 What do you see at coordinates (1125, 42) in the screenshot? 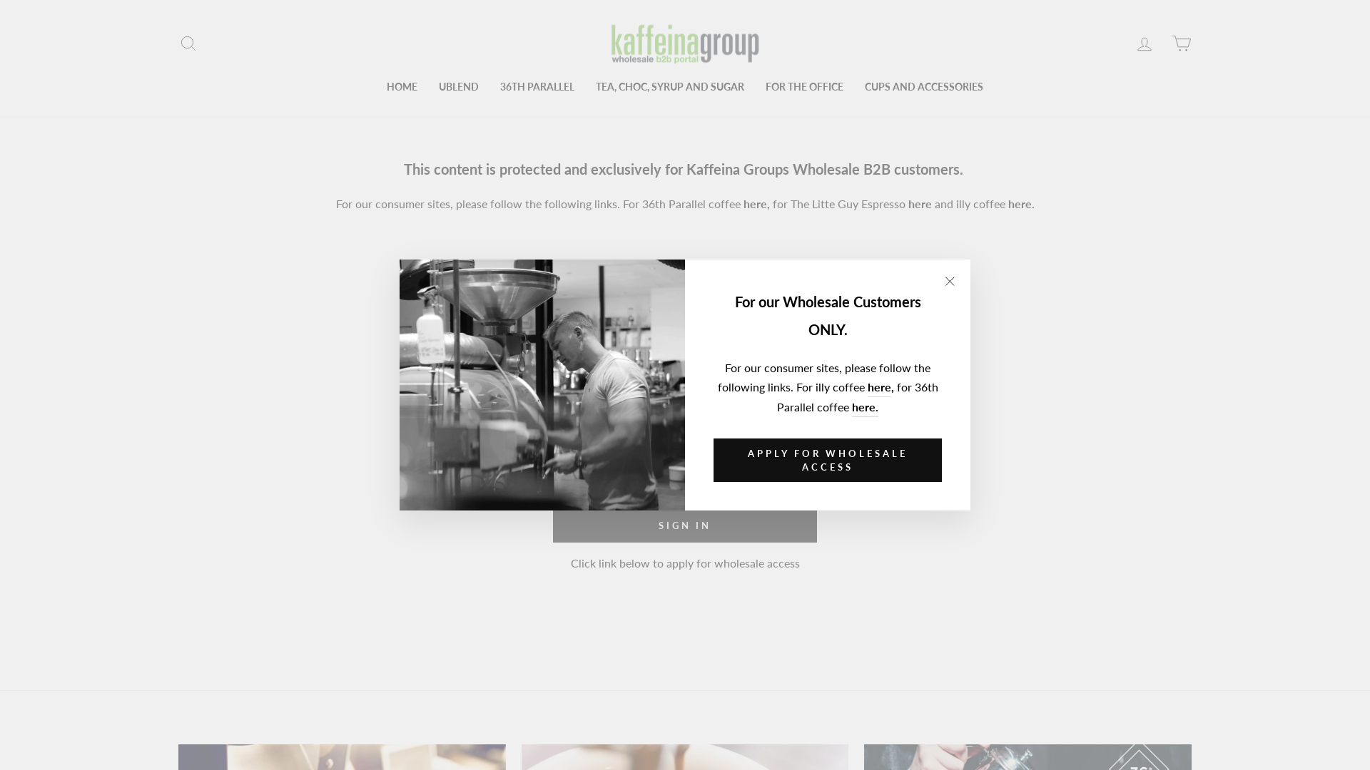
I see `'LOG IN'` at bounding box center [1125, 42].